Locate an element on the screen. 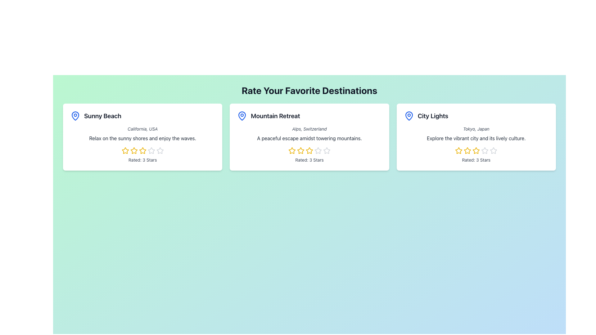 The height and width of the screenshot is (335, 596). the first star icon in the 5-star rating set for the 'City Lights' destination to modify the rating is located at coordinates (459, 150).